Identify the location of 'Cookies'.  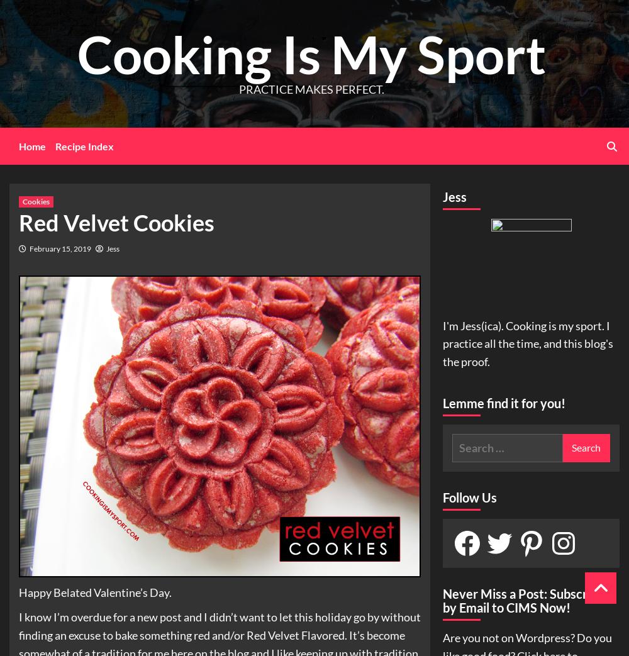
(23, 200).